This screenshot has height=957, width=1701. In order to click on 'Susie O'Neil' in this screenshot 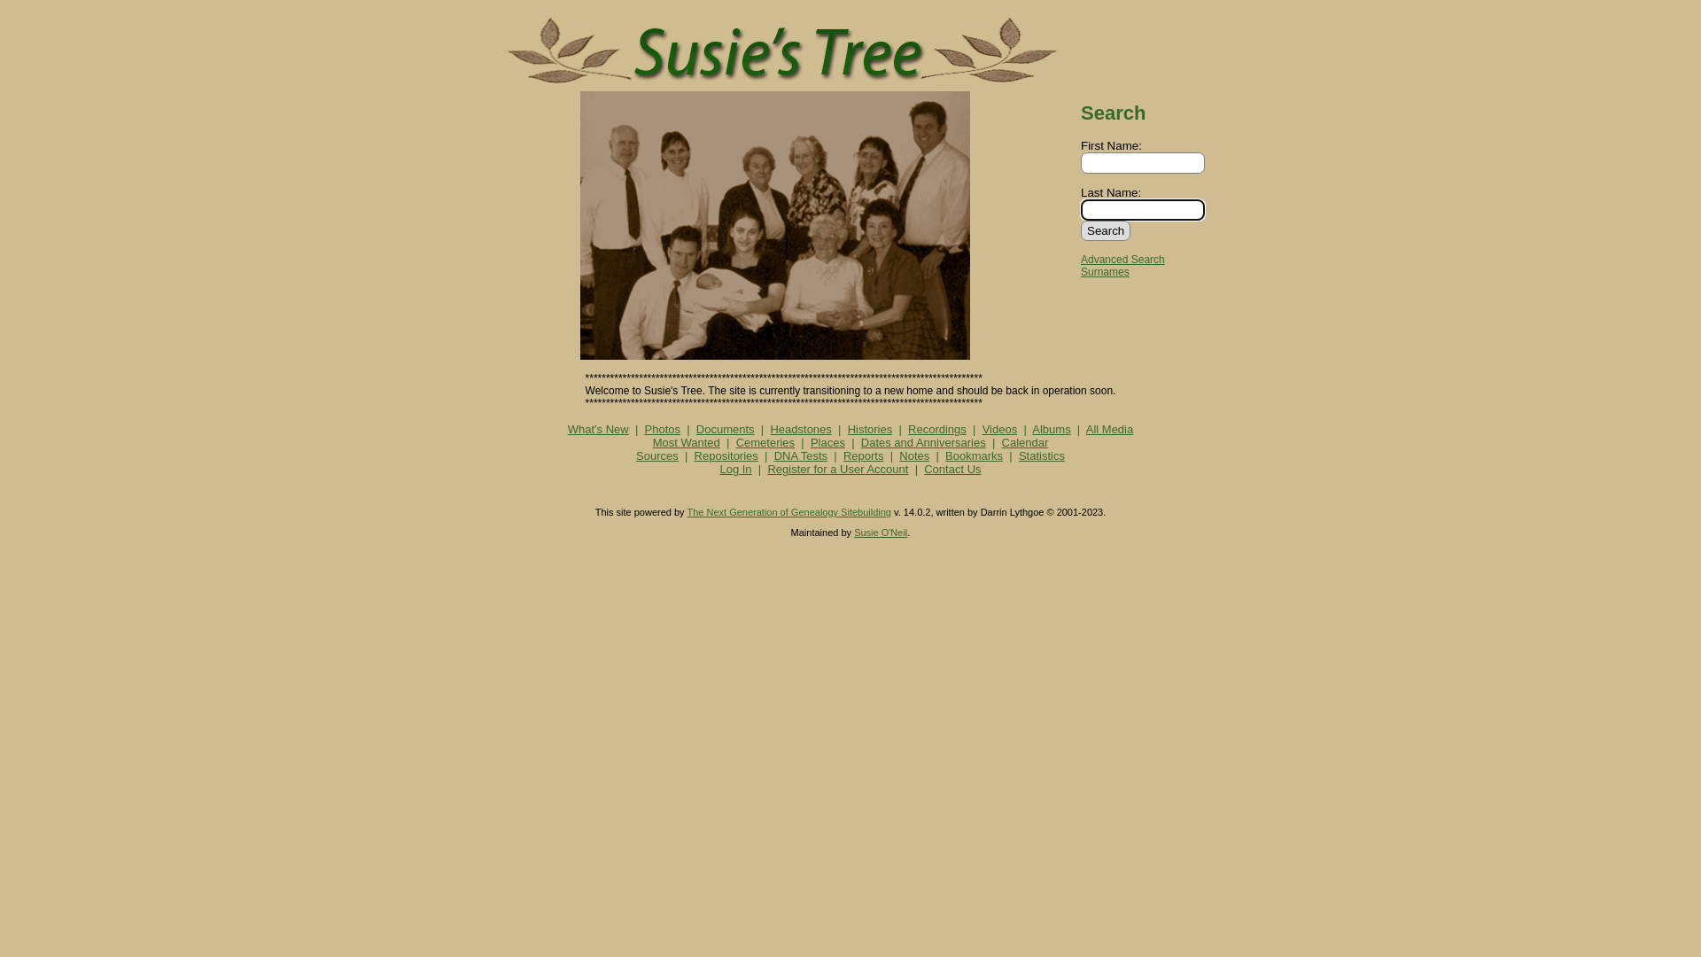, I will do `click(880, 532)`.